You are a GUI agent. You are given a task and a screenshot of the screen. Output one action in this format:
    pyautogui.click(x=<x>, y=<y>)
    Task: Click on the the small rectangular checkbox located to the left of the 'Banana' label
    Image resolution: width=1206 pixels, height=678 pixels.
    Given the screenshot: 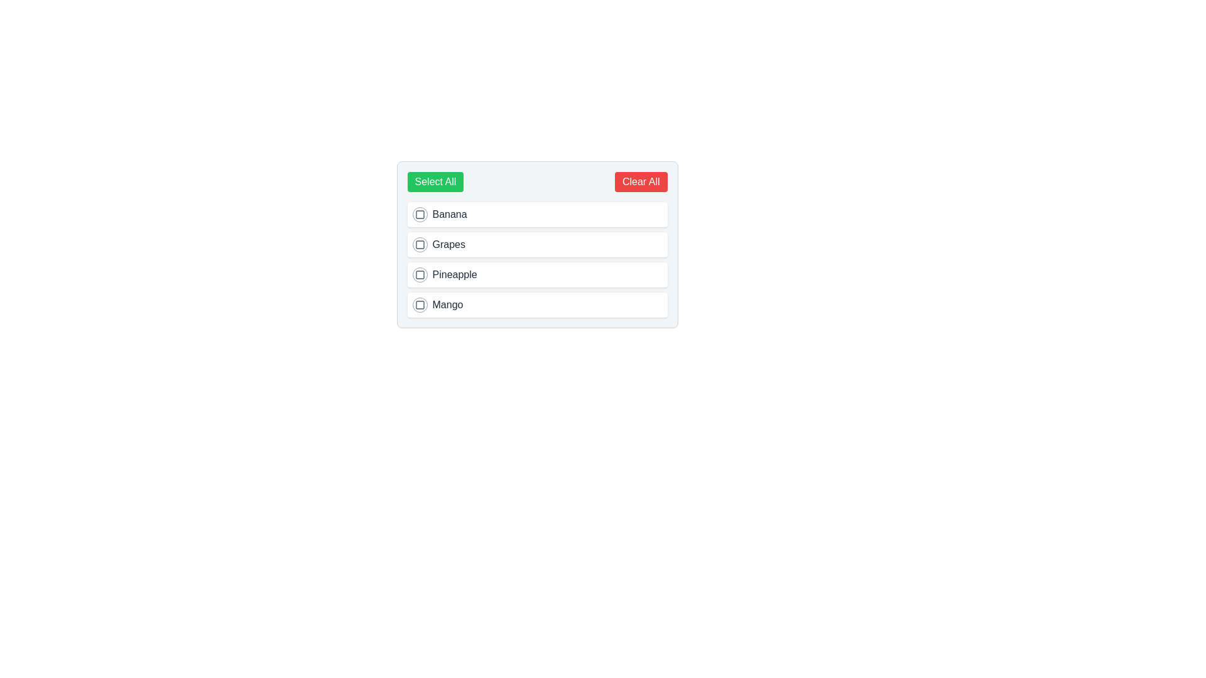 What is the action you would take?
    pyautogui.click(x=420, y=214)
    